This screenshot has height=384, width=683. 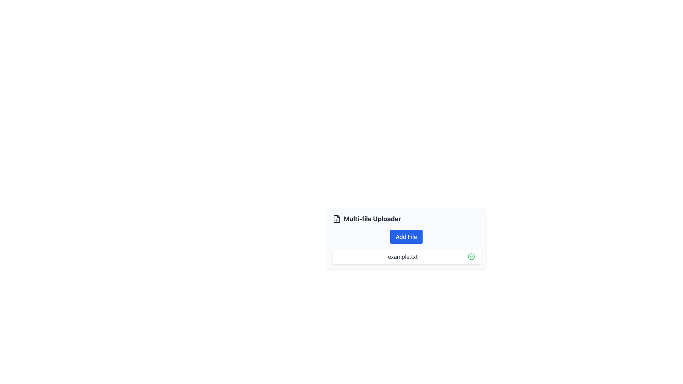 What do you see at coordinates (471, 256) in the screenshot?
I see `the circular green status indicator icon located to the far right of the filename 'example.txt' in the file upload interface` at bounding box center [471, 256].